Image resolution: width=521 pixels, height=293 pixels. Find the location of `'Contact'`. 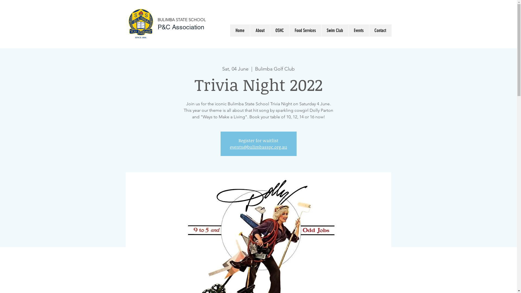

'Contact' is located at coordinates (380, 30).